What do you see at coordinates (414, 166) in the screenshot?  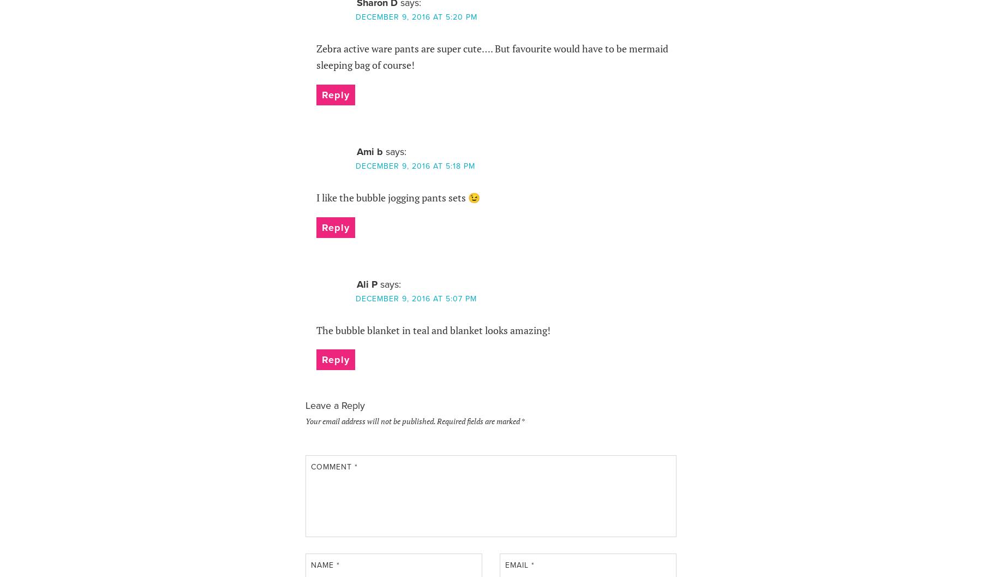 I see `'December 9, 2016 at 5:18 pm'` at bounding box center [414, 166].